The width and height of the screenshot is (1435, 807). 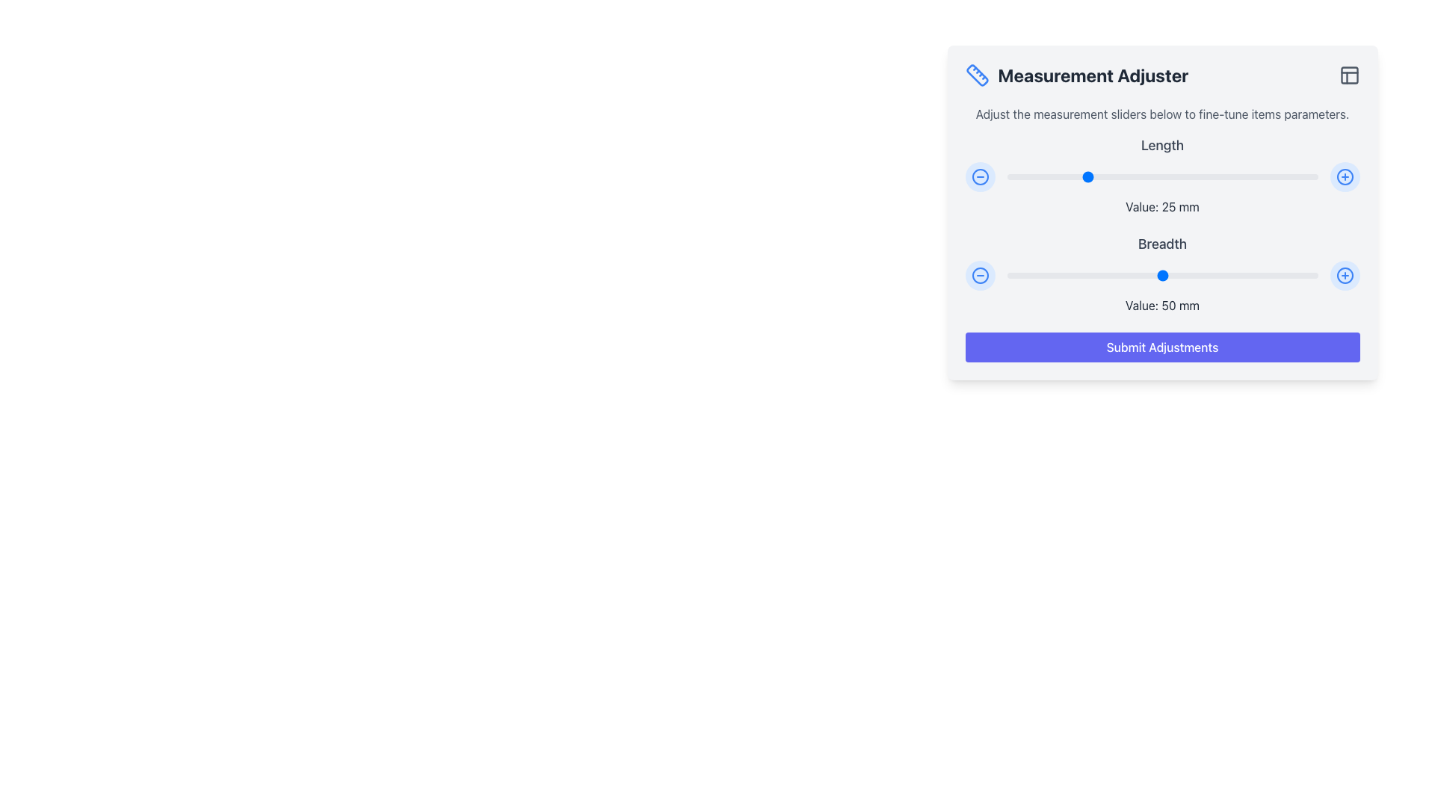 What do you see at coordinates (1059, 276) in the screenshot?
I see `the breadth` at bounding box center [1059, 276].